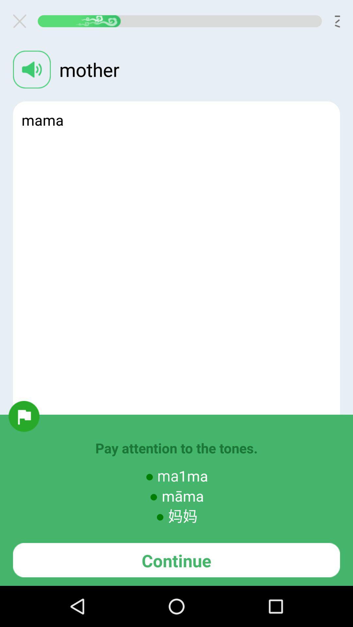 This screenshot has width=353, height=627. What do you see at coordinates (22, 21) in the screenshot?
I see `exit current page` at bounding box center [22, 21].